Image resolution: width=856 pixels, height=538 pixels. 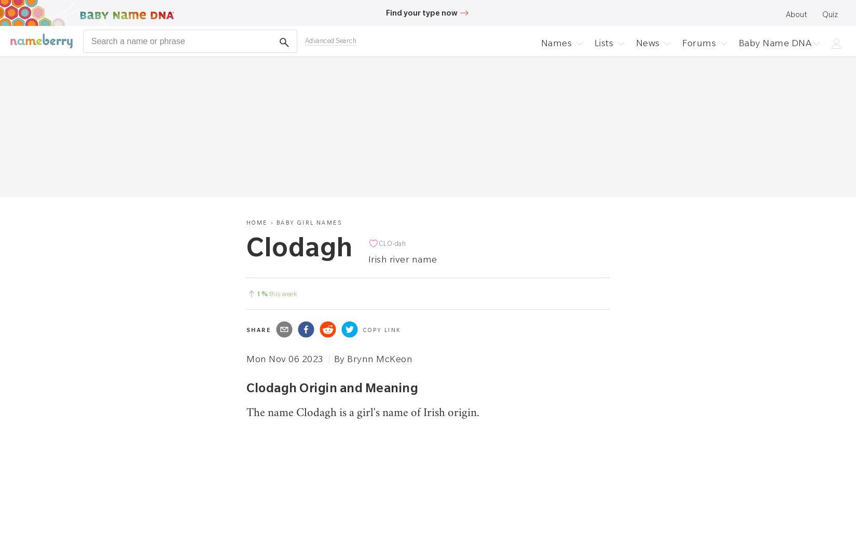 What do you see at coordinates (347, 358) in the screenshot?
I see `'Brynn McKeon'` at bounding box center [347, 358].